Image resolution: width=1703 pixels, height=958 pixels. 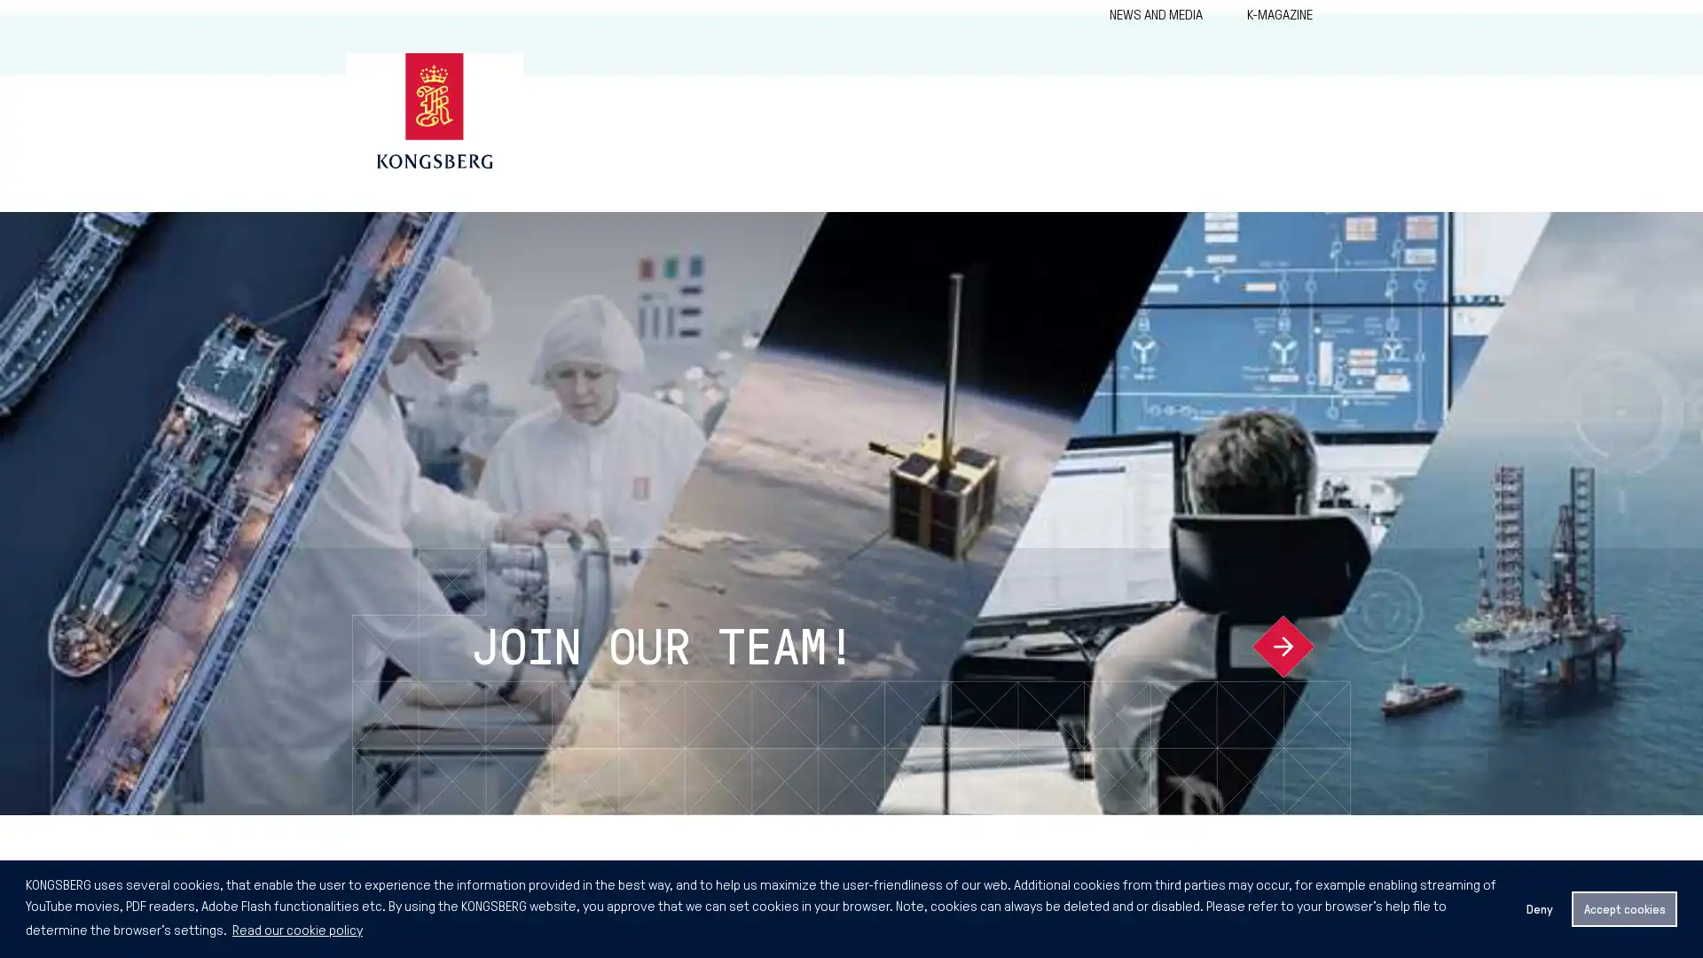 What do you see at coordinates (1538, 908) in the screenshot?
I see `deny cookies` at bounding box center [1538, 908].